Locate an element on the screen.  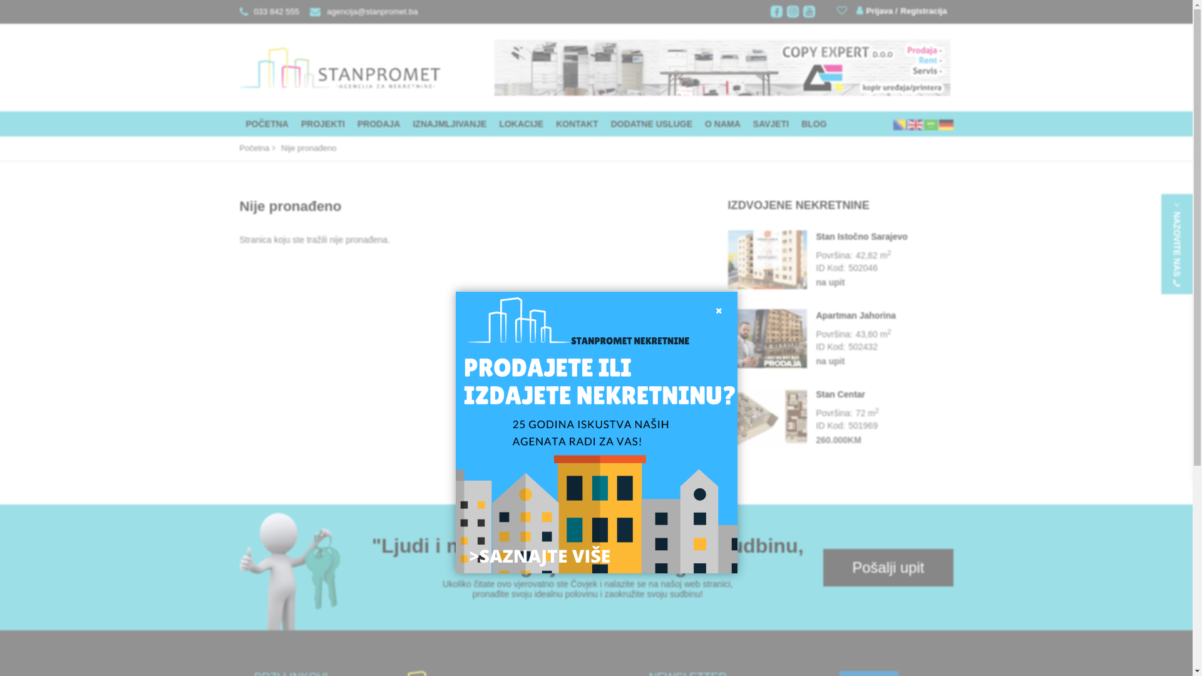
'Apartman Jahorina' is located at coordinates (766, 339).